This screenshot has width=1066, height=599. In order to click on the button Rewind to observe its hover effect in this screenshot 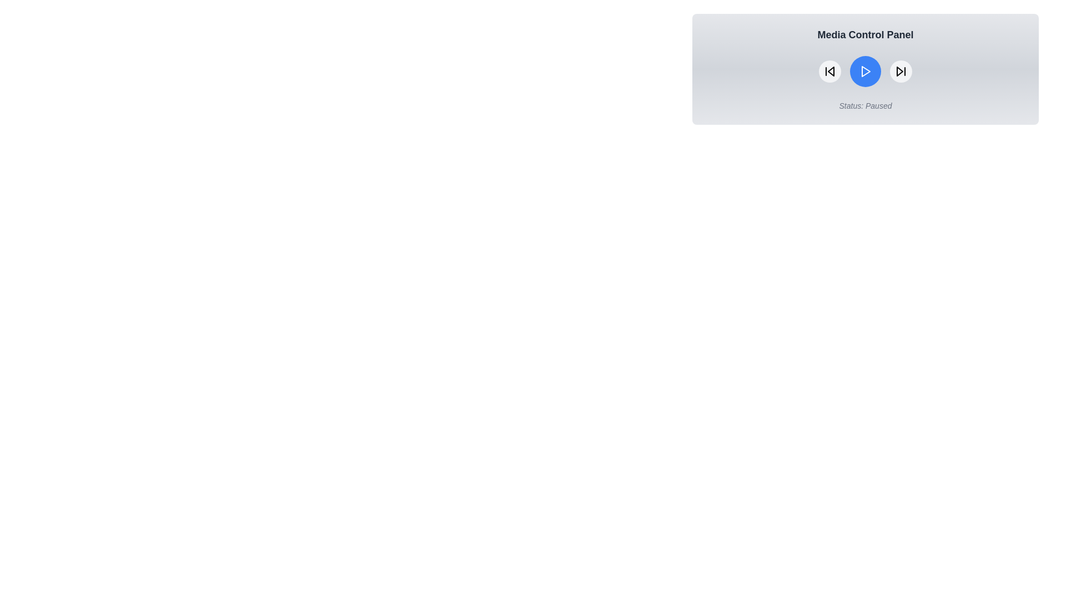, I will do `click(829, 71)`.